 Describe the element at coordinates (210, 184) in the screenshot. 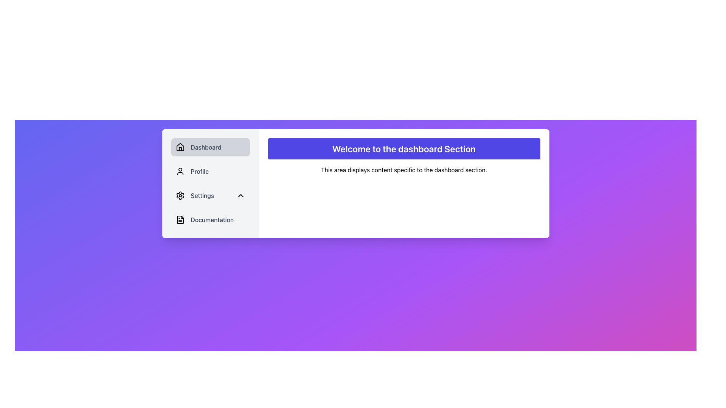

I see `the 'Profile' item in the vertical navigation list located in the sidebar` at that location.